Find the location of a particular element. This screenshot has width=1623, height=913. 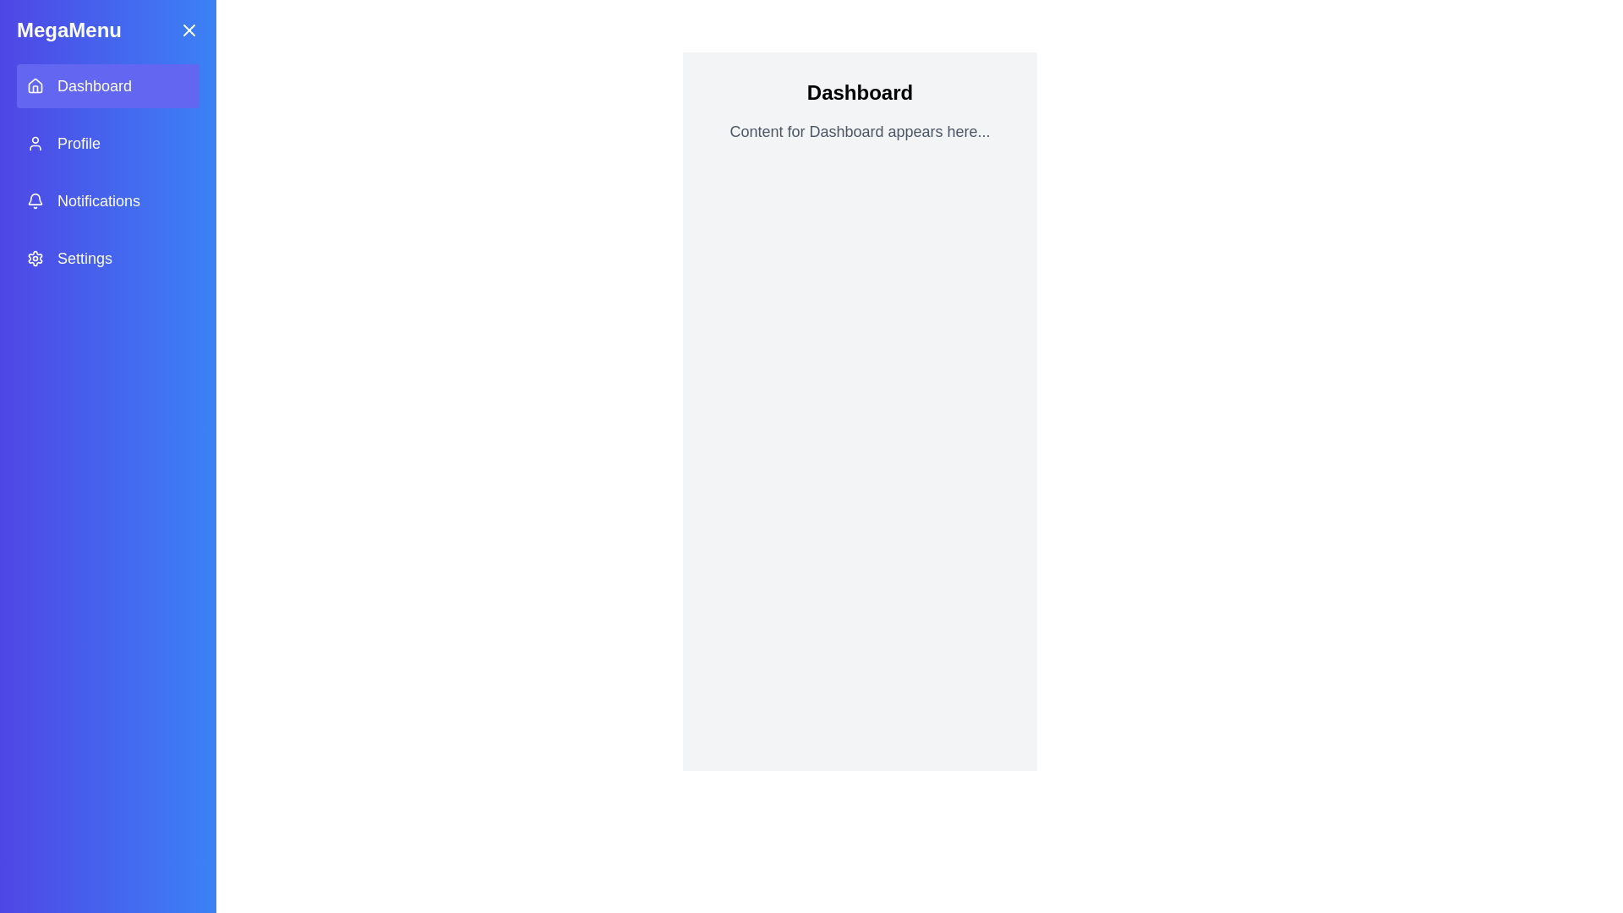

the settings icon located in the sidebar is located at coordinates (36, 258).